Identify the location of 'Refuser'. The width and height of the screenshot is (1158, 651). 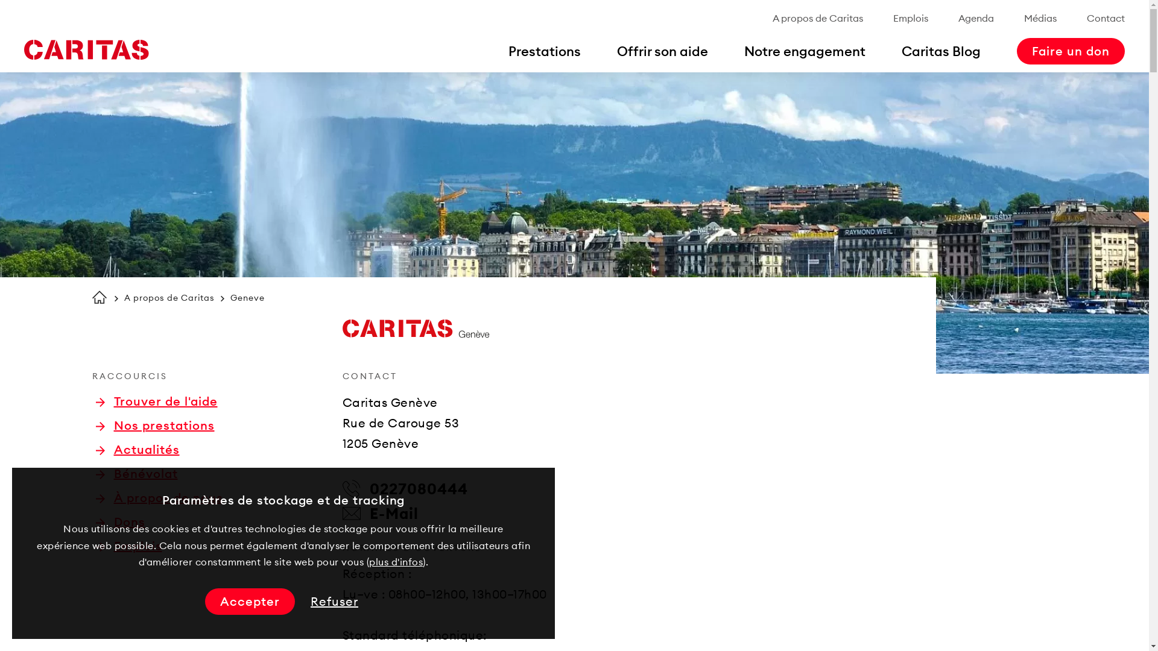
(334, 602).